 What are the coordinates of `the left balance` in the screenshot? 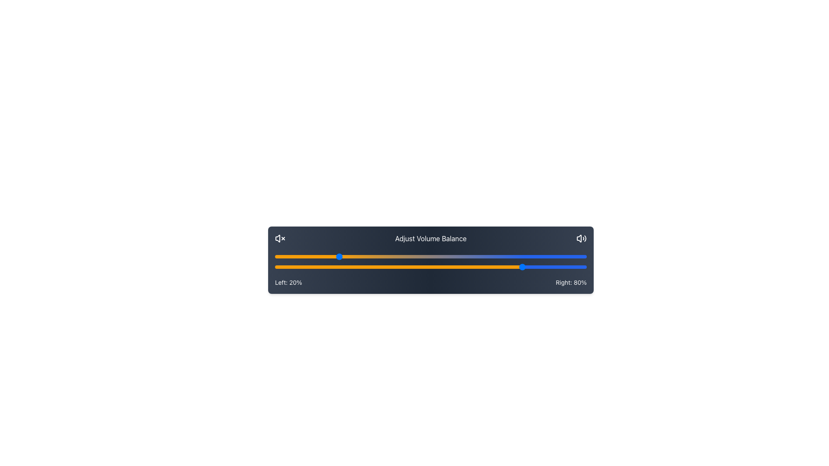 It's located at (484, 256).